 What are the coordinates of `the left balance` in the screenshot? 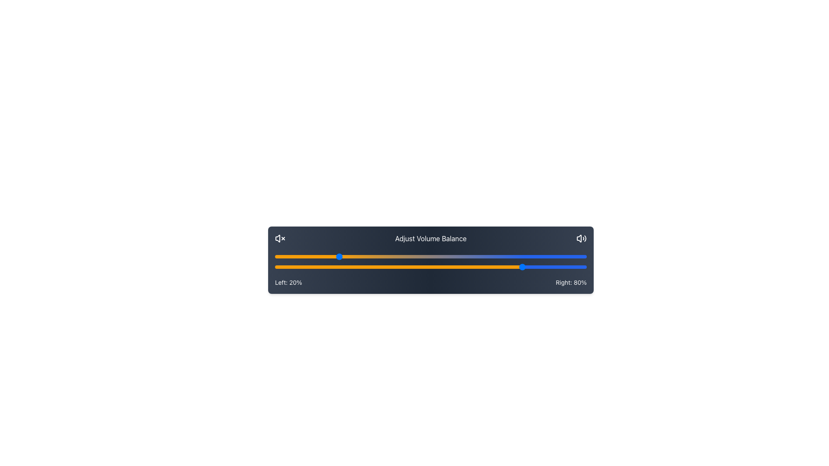 It's located at (484, 256).